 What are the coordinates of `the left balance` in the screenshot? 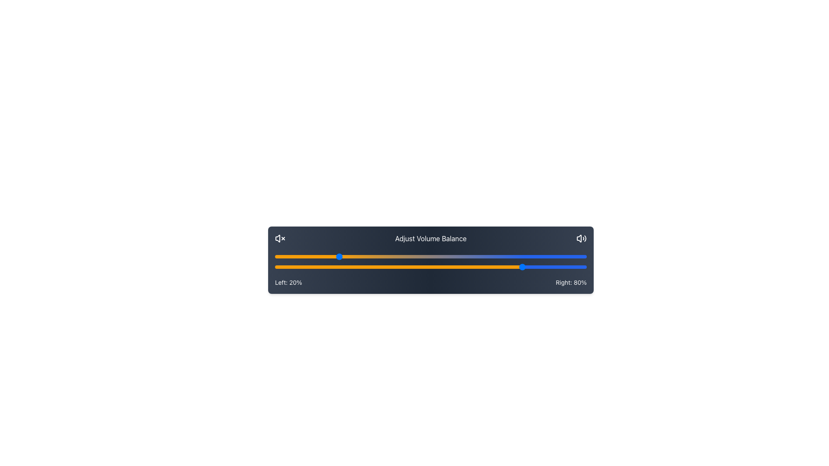 It's located at (484, 256).